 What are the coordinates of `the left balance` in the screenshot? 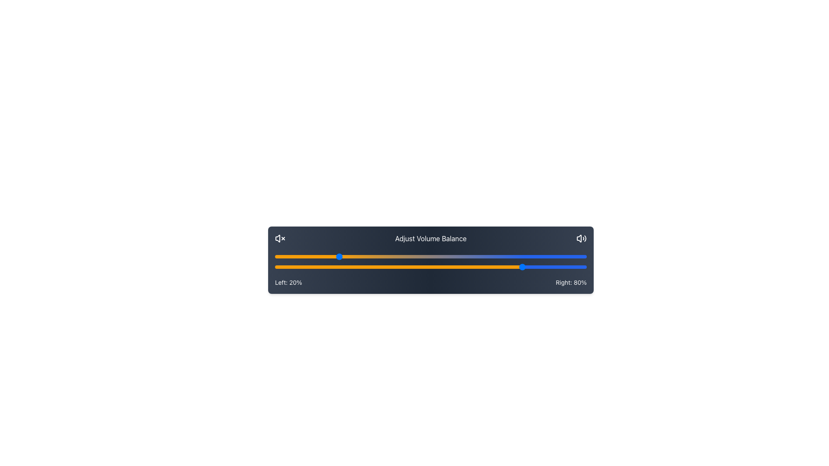 It's located at (484, 256).